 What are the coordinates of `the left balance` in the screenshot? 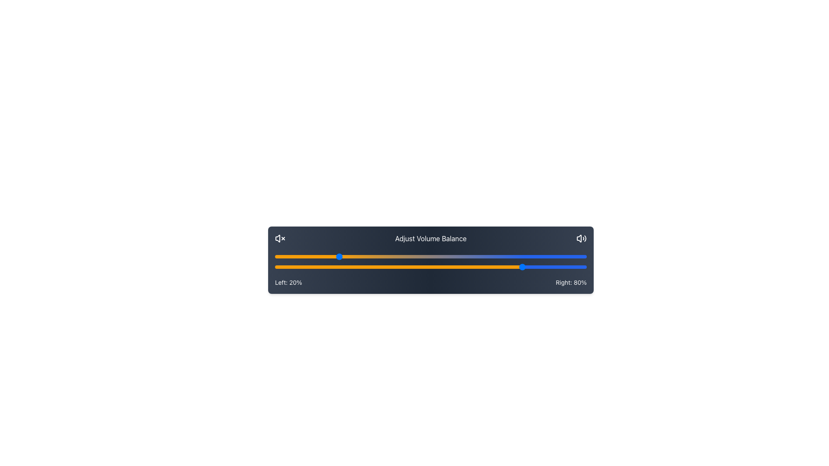 It's located at (484, 256).